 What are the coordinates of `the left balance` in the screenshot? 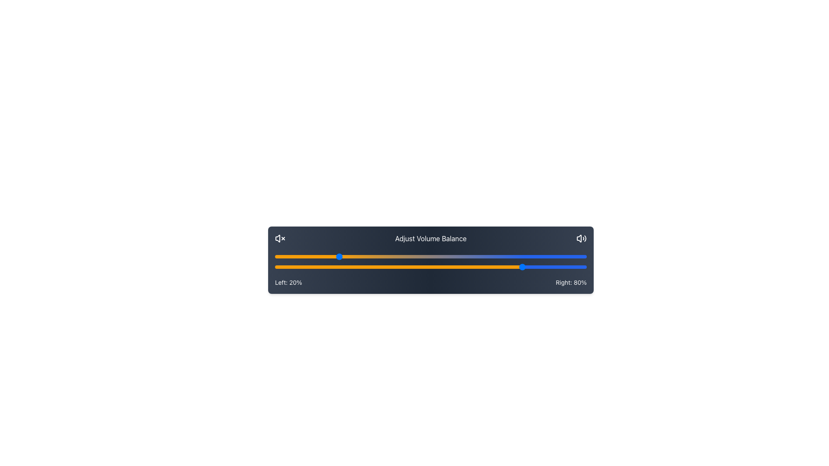 It's located at (484, 256).